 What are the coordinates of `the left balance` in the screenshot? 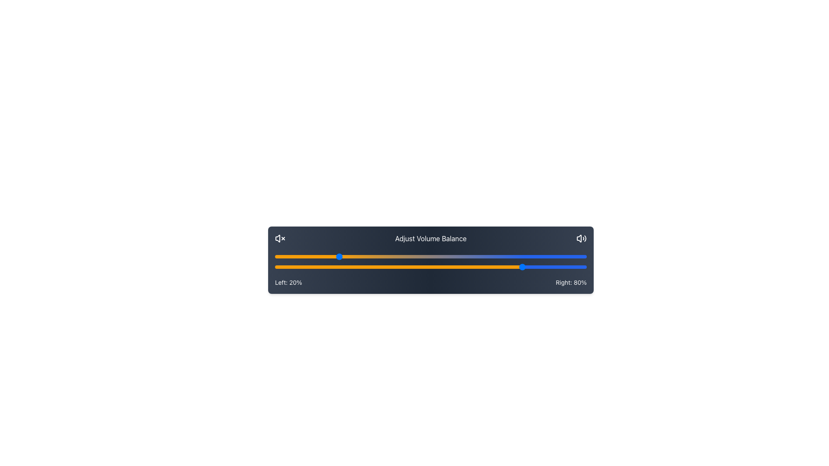 It's located at (484, 256).